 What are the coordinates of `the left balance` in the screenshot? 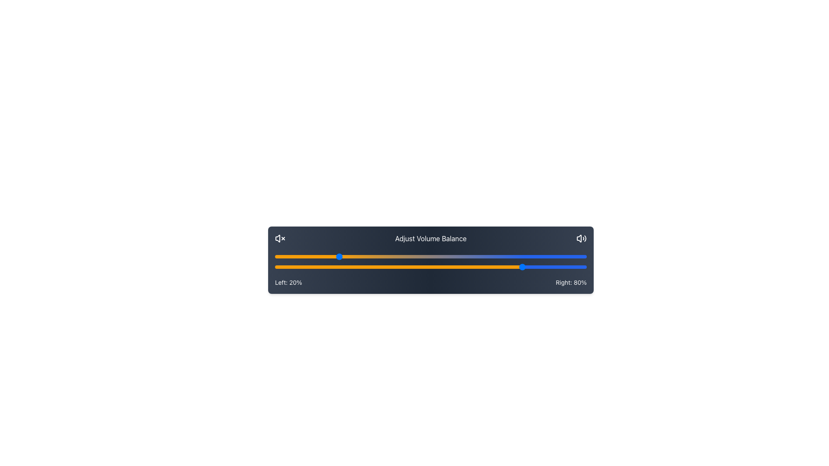 It's located at (484, 256).